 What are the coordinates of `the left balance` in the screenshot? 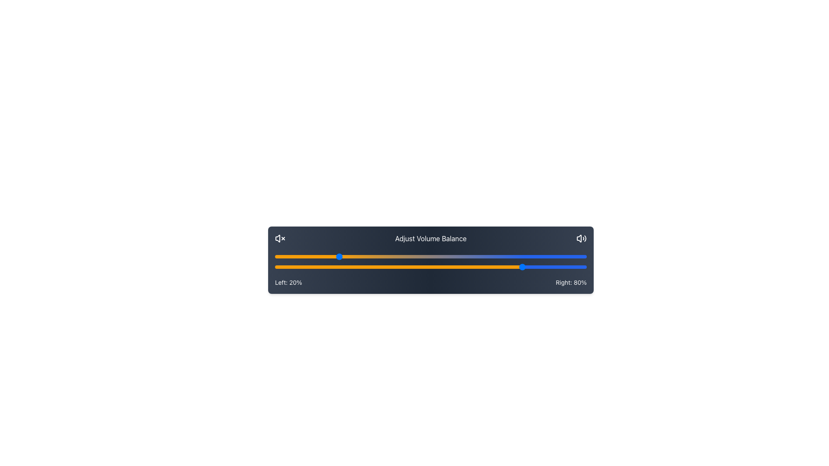 It's located at (484, 256).